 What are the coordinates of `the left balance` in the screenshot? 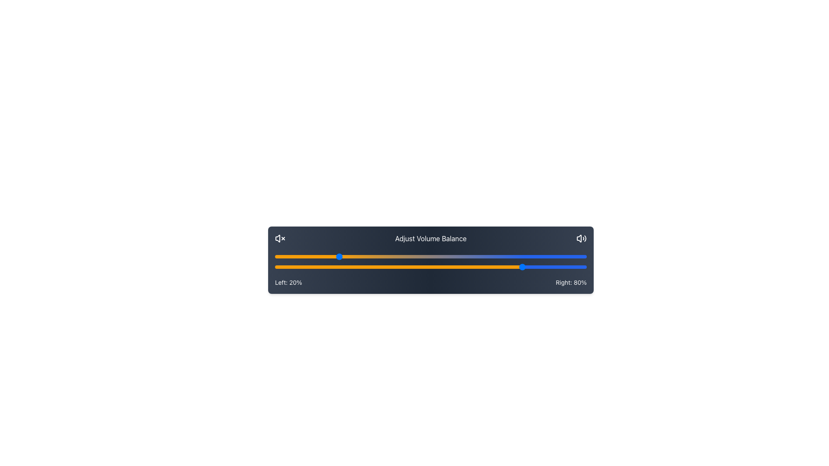 It's located at (484, 256).